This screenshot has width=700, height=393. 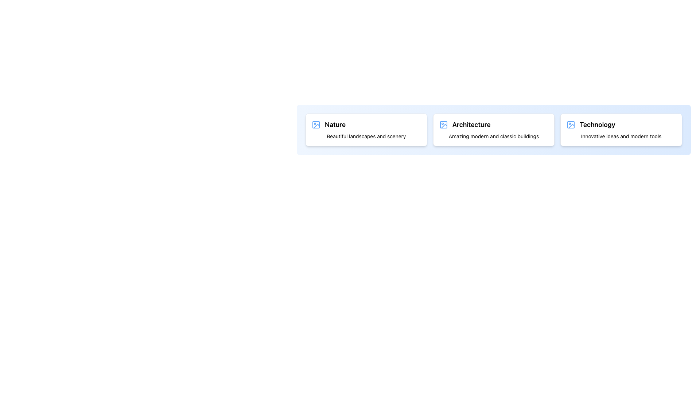 What do you see at coordinates (494, 136) in the screenshot?
I see `the text label displaying 'Amazing modern and classic buildings' within the 'Architecture' card` at bounding box center [494, 136].